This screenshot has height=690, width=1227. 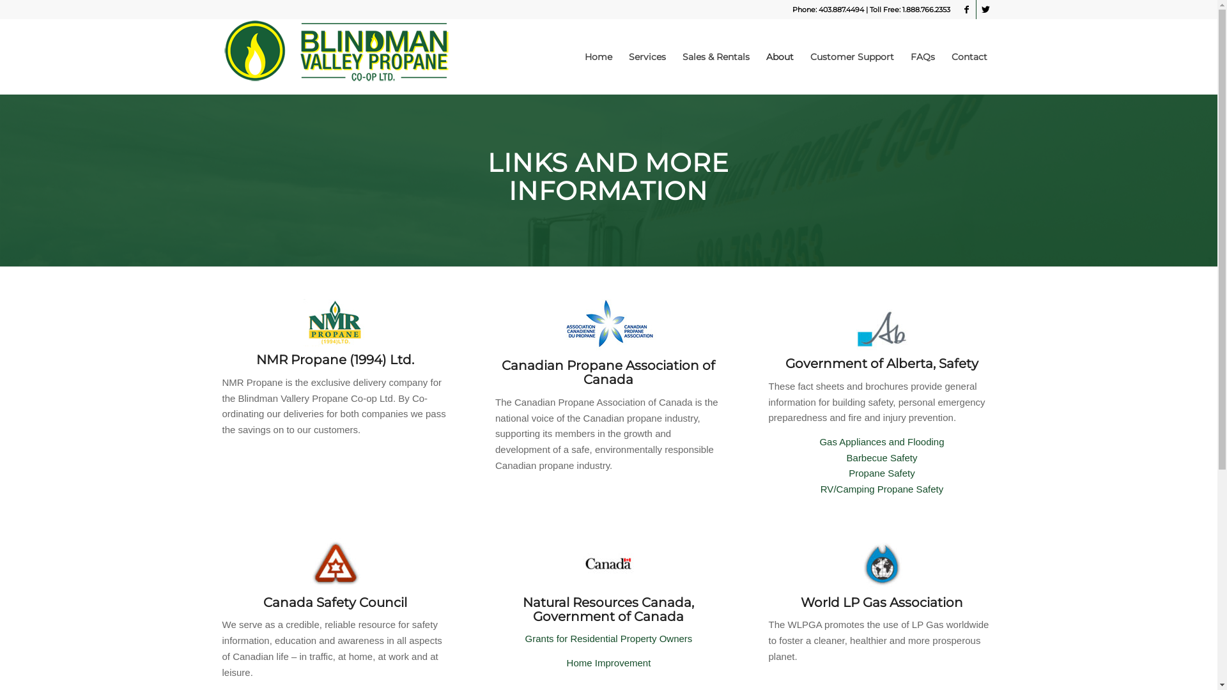 I want to click on 'Facebook', so click(x=966, y=10).